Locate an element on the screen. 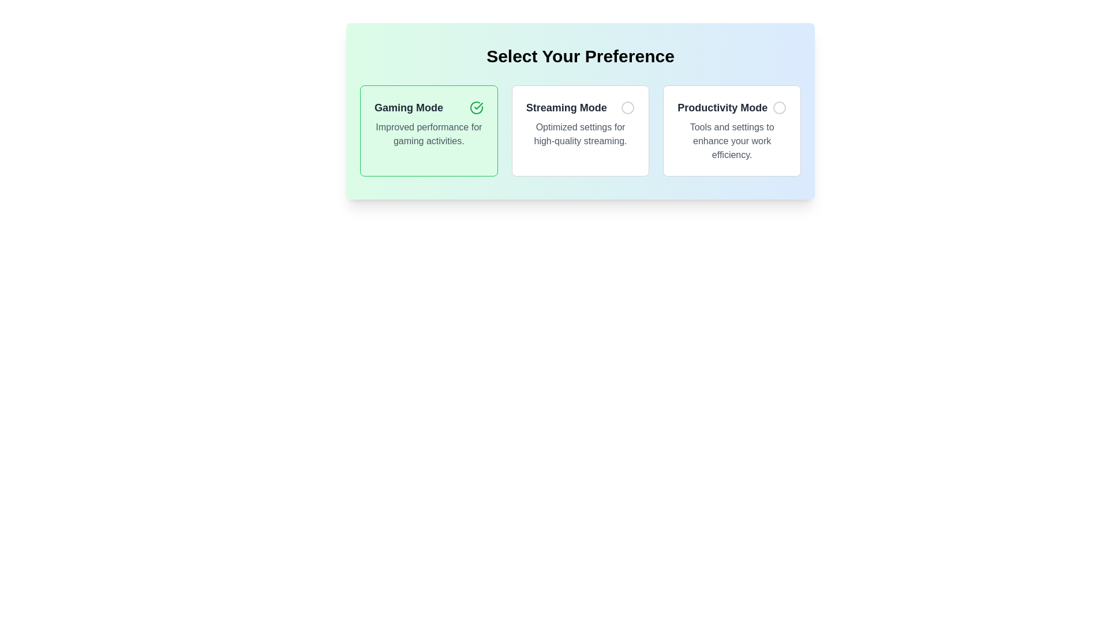  the non-filled circle icon associated with the 'Productivity Mode' label in the top item of the card under 'Select Your Preference' is located at coordinates (731, 107).